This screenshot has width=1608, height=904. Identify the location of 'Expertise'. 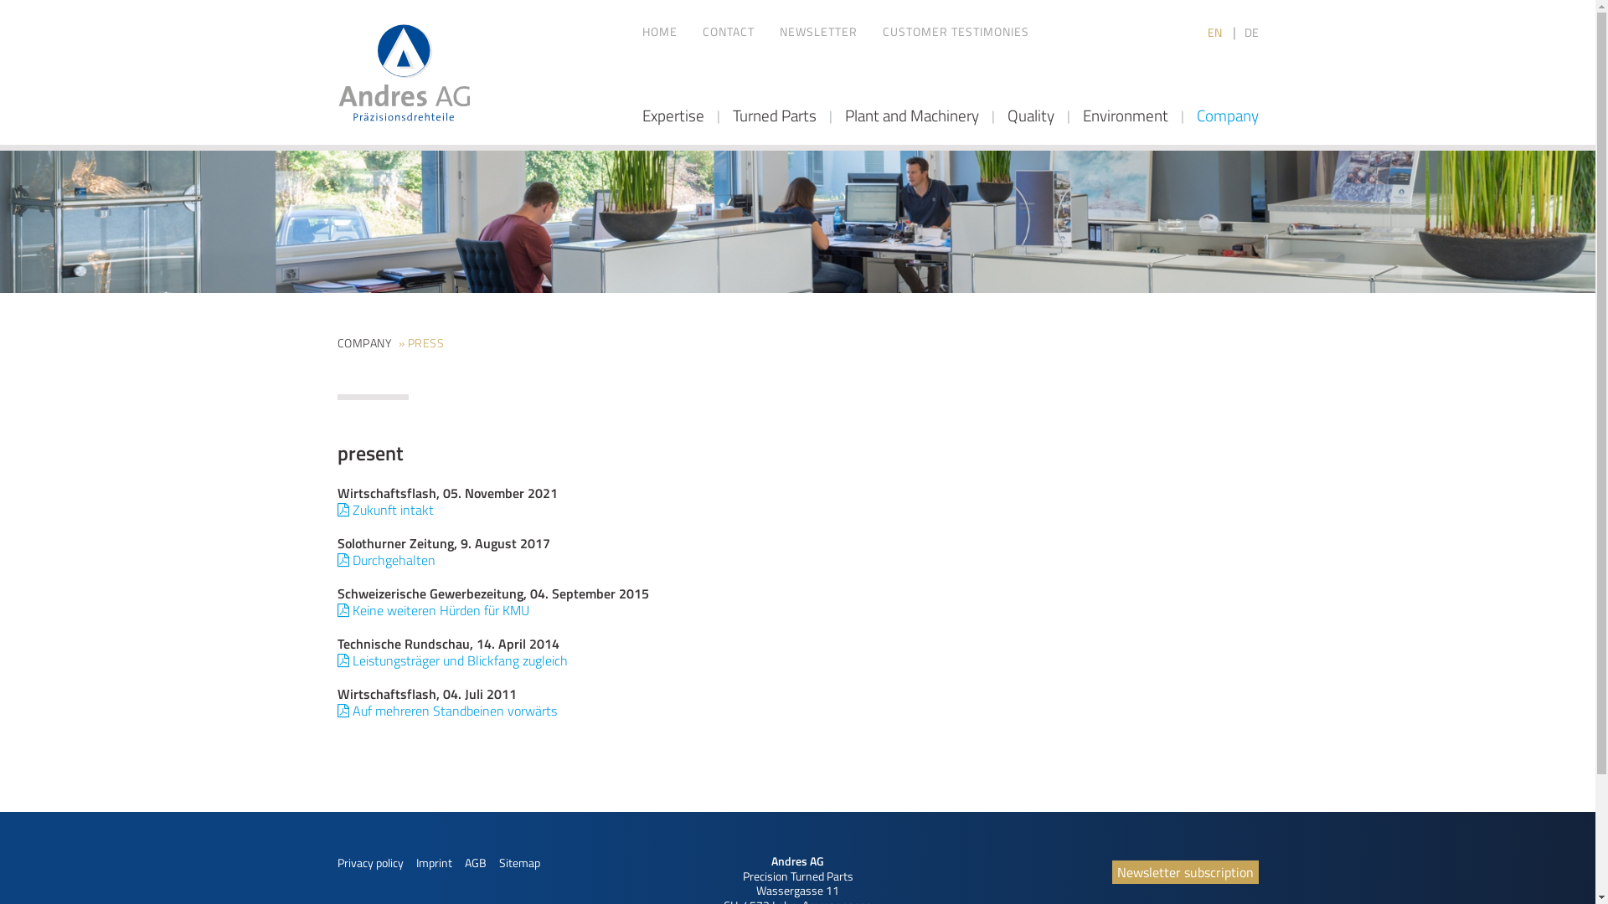
(672, 115).